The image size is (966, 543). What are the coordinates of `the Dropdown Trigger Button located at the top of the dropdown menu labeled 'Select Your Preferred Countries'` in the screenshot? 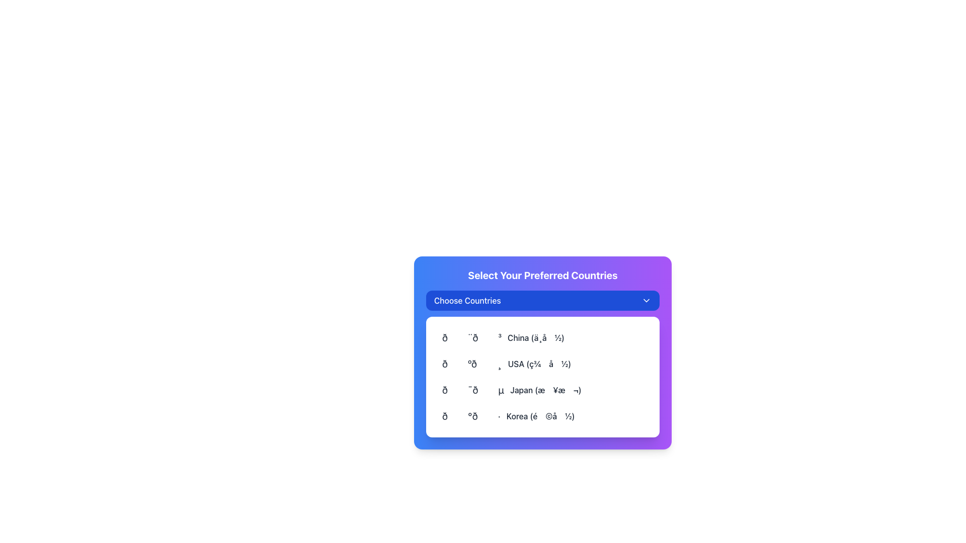 It's located at (542, 300).